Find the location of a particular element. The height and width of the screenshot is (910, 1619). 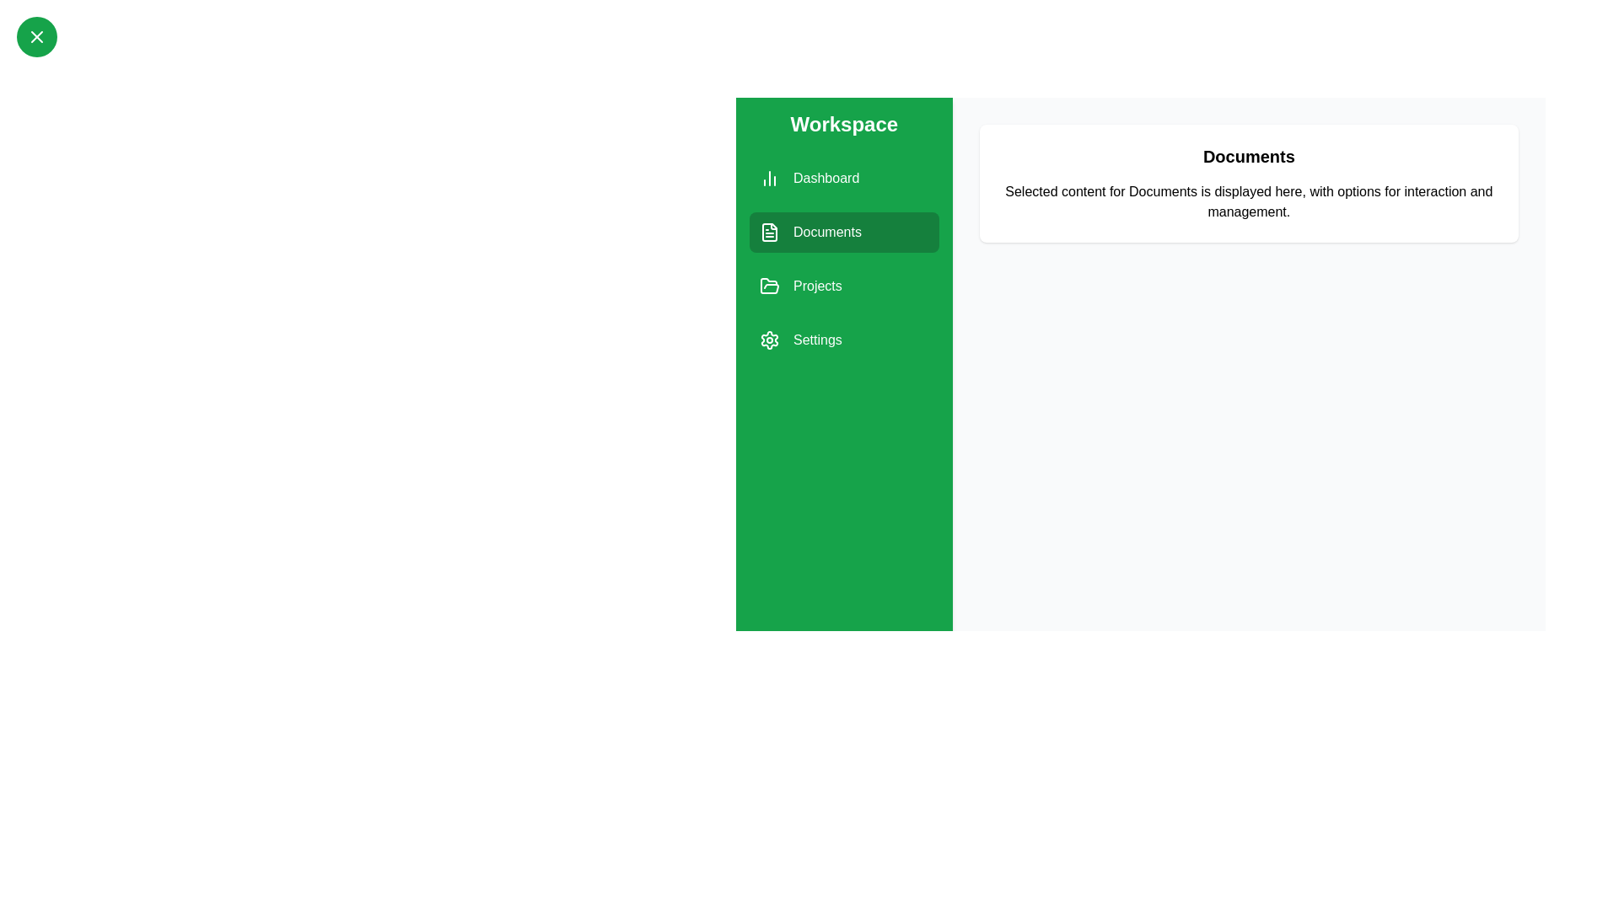

the Settings section from the sidebar is located at coordinates (844, 340).